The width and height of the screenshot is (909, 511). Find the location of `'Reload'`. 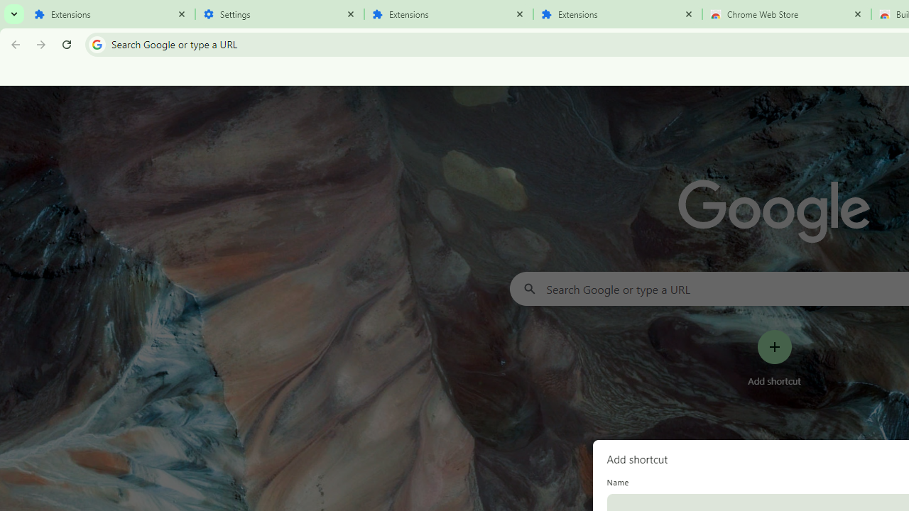

'Reload' is located at coordinates (66, 43).